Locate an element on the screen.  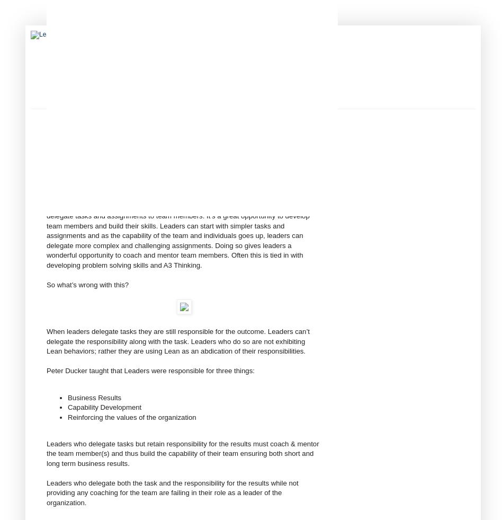
'Capability Development' is located at coordinates (67, 407).